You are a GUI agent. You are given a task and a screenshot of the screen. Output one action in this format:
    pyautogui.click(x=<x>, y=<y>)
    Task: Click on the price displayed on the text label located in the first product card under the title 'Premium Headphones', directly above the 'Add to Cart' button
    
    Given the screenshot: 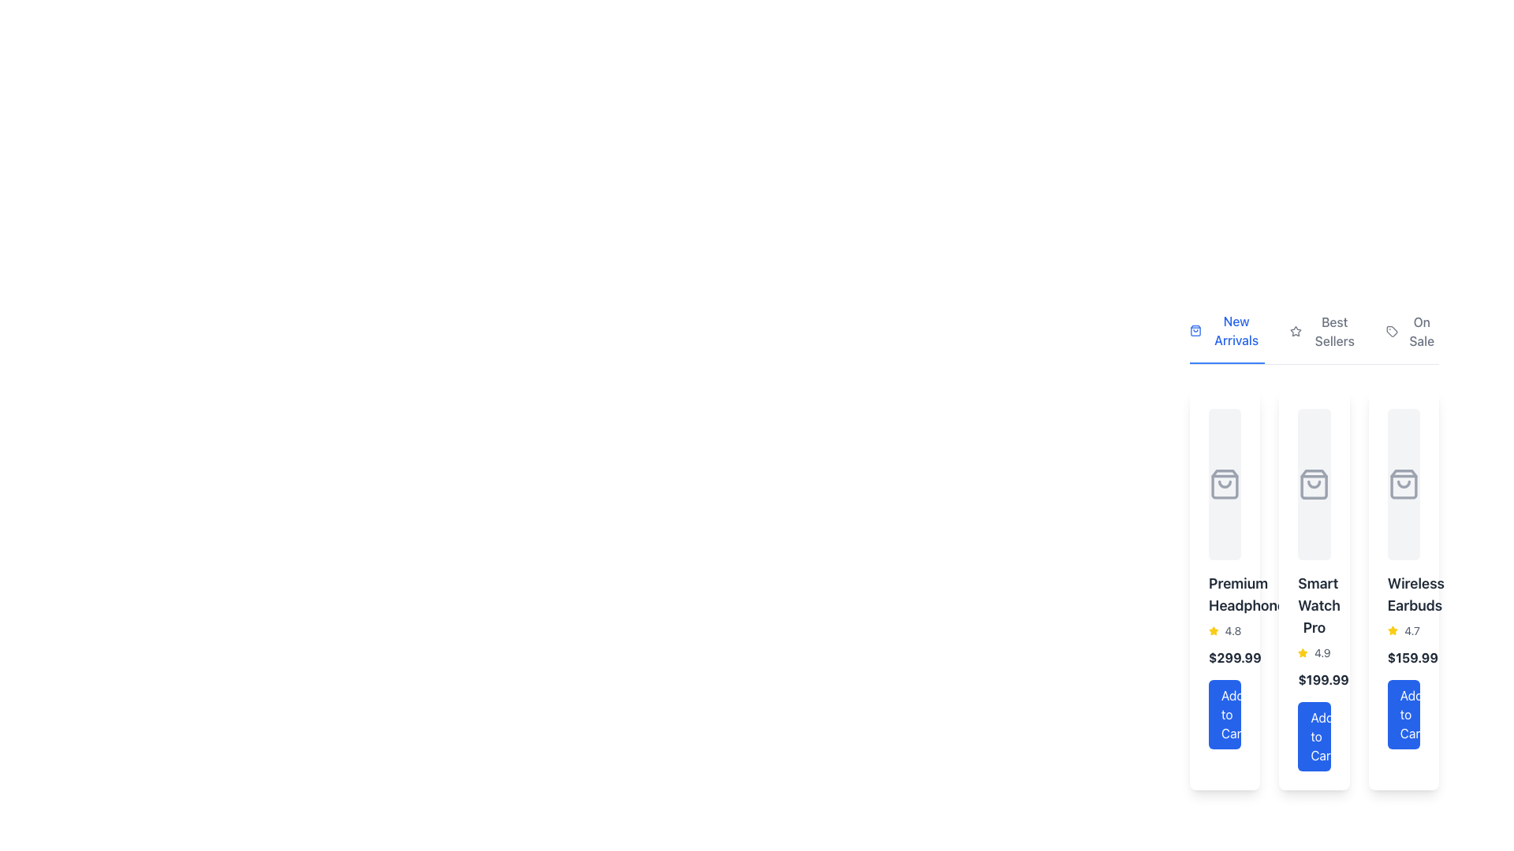 What is the action you would take?
    pyautogui.click(x=1224, y=657)
    